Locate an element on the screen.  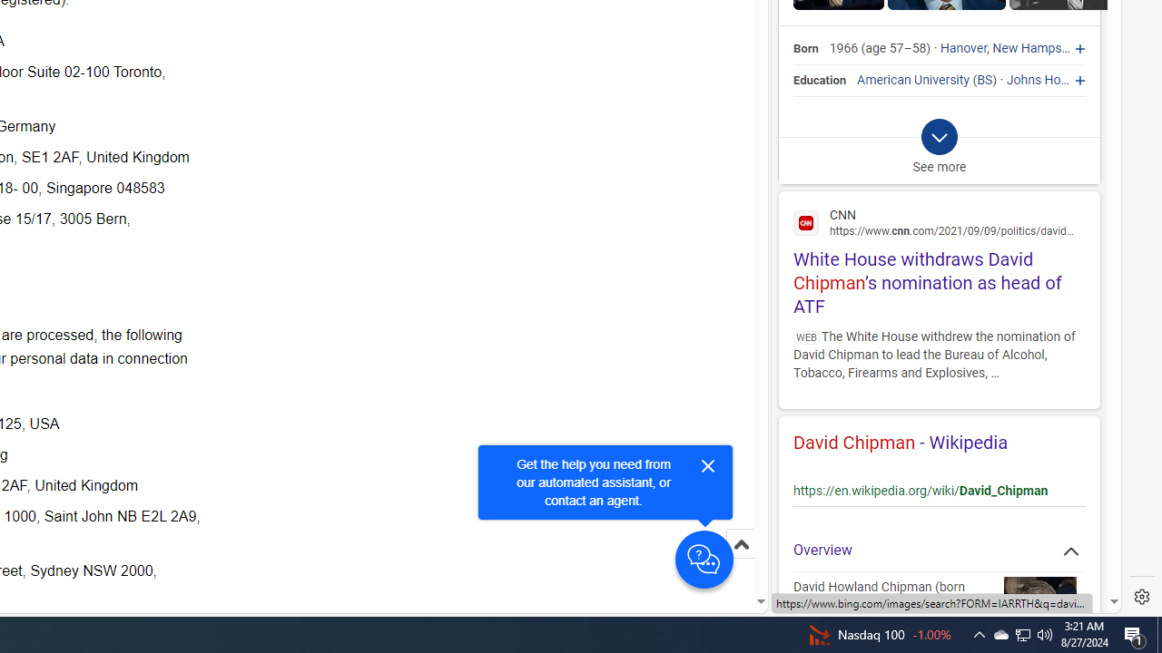
'Class: b_exp_chevron_svg b_expmob_chev' is located at coordinates (939, 136).